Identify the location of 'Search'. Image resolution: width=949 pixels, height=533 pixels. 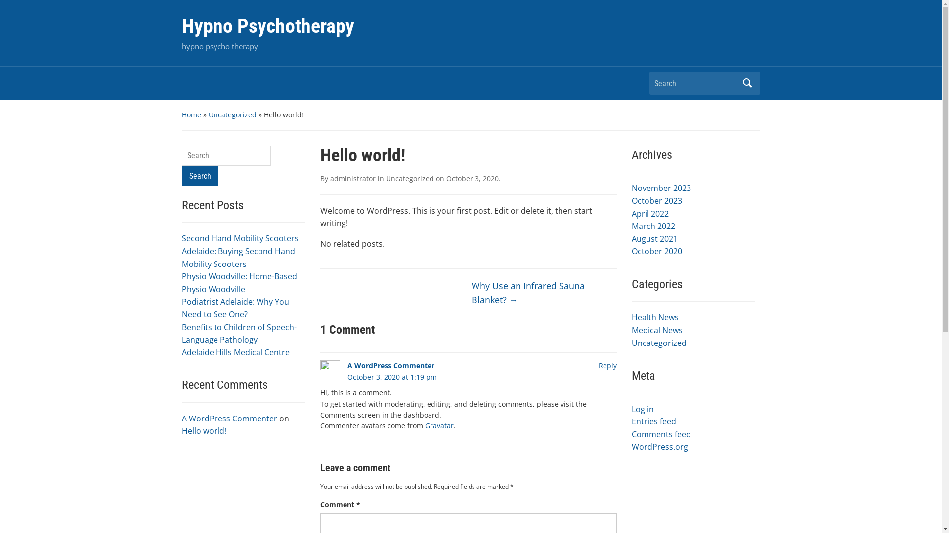
(199, 175).